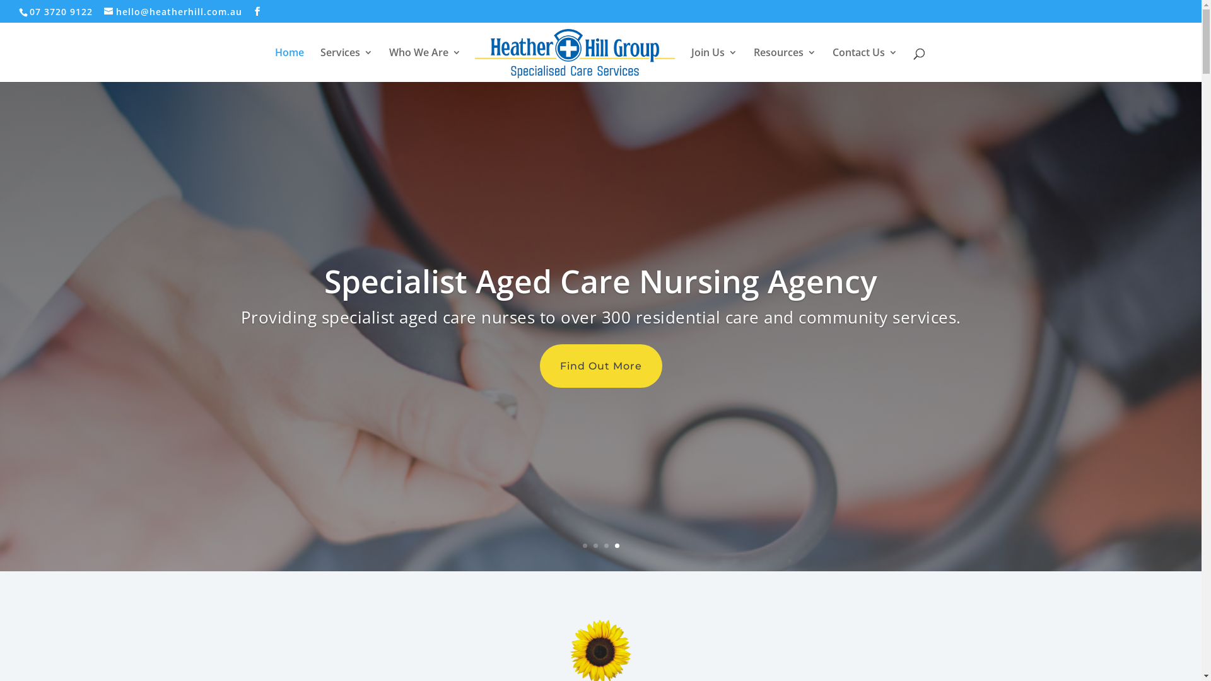 This screenshot has height=681, width=1211. Describe the element at coordinates (616, 545) in the screenshot. I see `'4'` at that location.